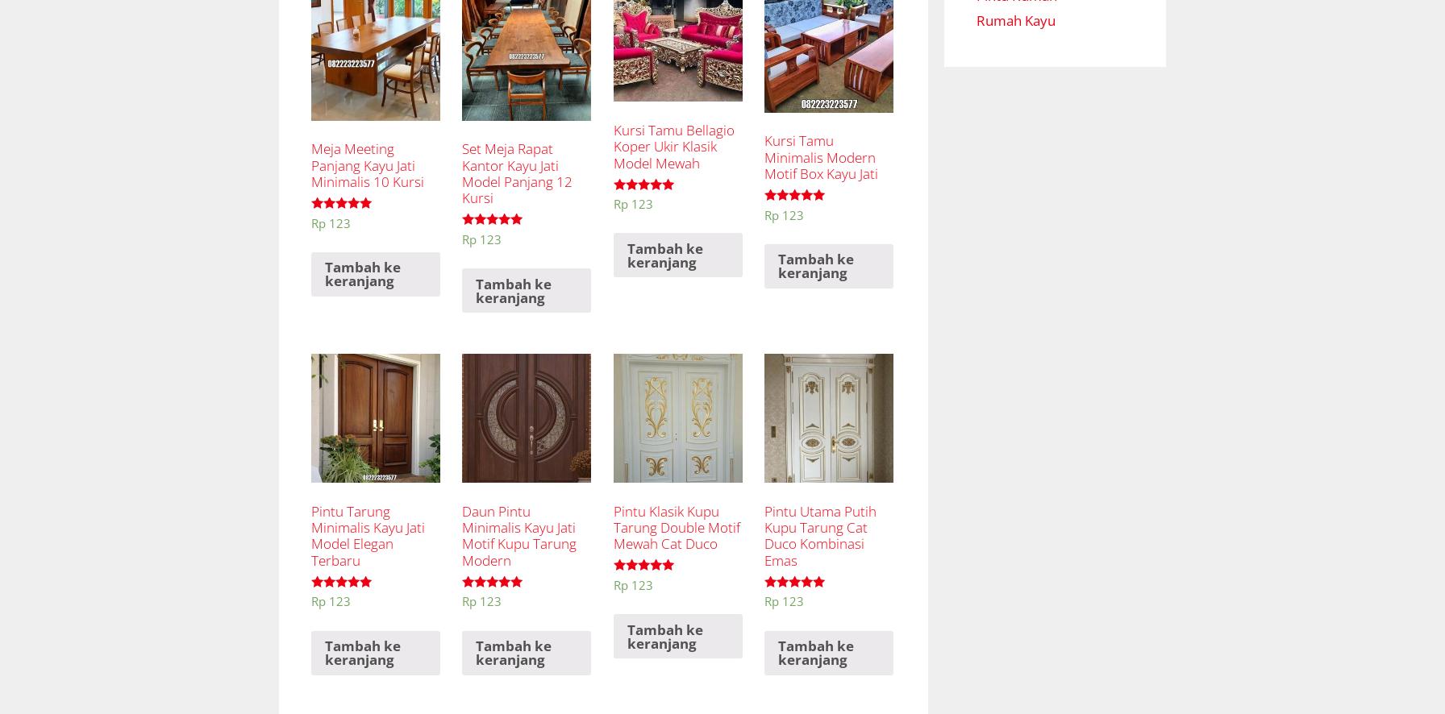 This screenshot has height=714, width=1445. What do you see at coordinates (519, 534) in the screenshot?
I see `'Daun Pintu Minimalis Kayu Jati Motif Kupu Tarung Modern'` at bounding box center [519, 534].